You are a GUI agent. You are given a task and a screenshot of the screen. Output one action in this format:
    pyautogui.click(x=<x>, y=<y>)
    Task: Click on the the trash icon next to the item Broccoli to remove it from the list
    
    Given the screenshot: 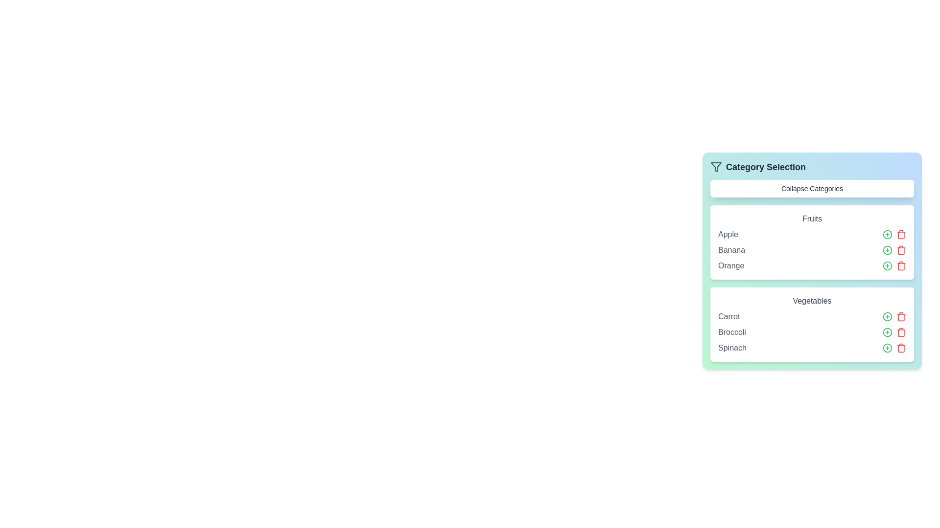 What is the action you would take?
    pyautogui.click(x=901, y=331)
    